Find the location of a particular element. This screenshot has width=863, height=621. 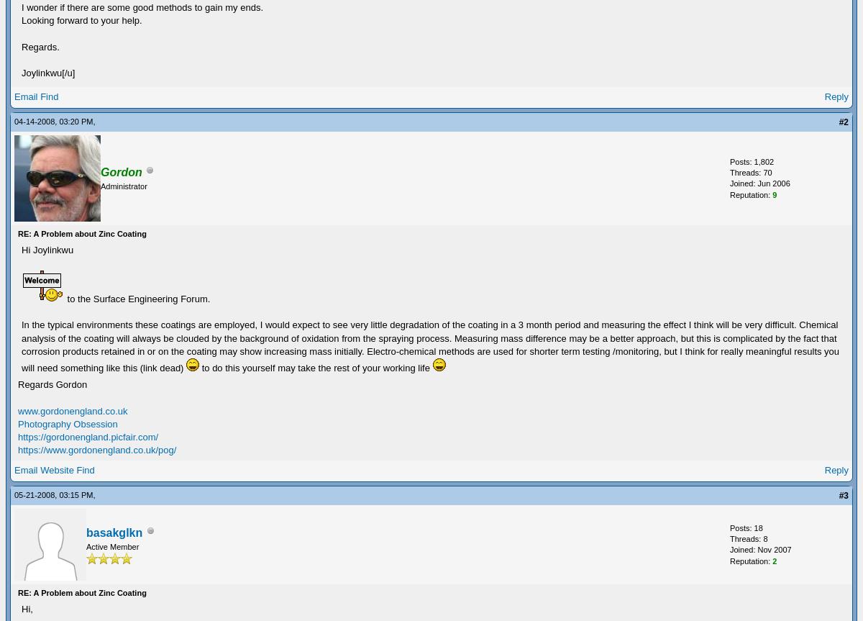

'https://www.gordonengland.co.uk/pog/' is located at coordinates (97, 449).